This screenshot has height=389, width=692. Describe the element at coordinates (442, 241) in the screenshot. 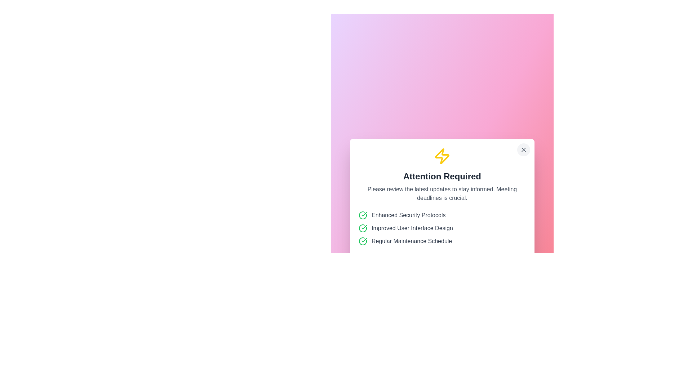

I see `the 'Regular Maintenance Schedule' label with an icon, which is the last item in the vertical list of features within the notification box` at that location.